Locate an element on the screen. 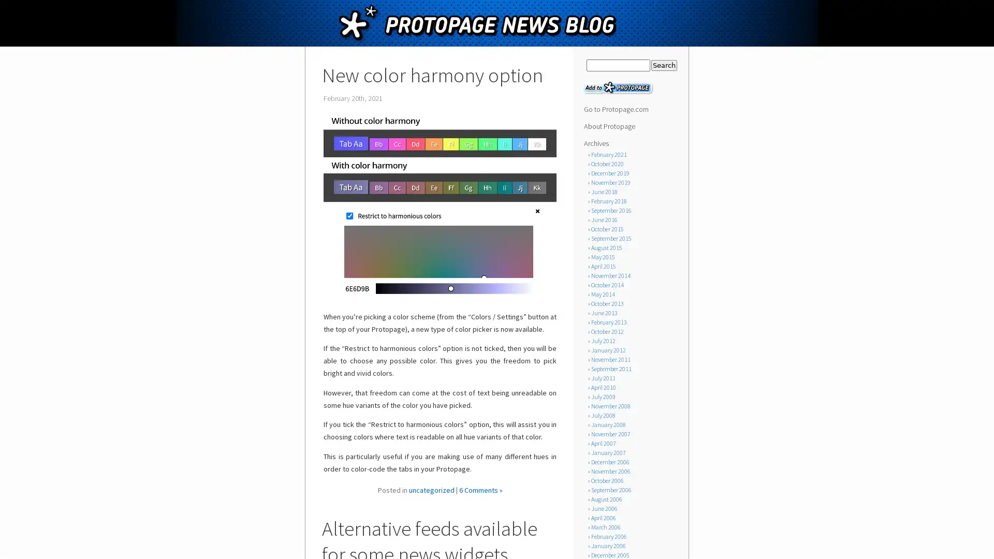 The height and width of the screenshot is (559, 994). Search is located at coordinates (663, 65).